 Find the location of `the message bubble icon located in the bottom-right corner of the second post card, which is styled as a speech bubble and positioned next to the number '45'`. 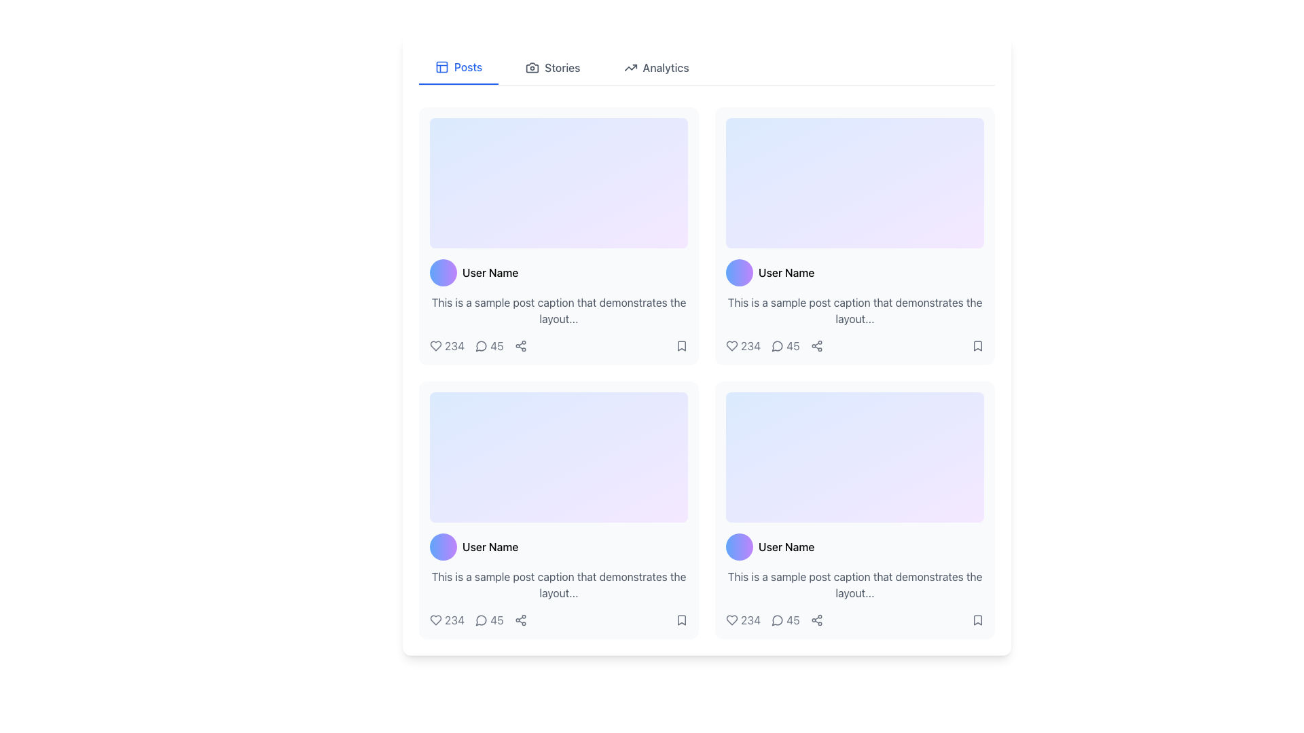

the message bubble icon located in the bottom-right corner of the second post card, which is styled as a speech bubble and positioned next to the number '45' is located at coordinates (777, 620).